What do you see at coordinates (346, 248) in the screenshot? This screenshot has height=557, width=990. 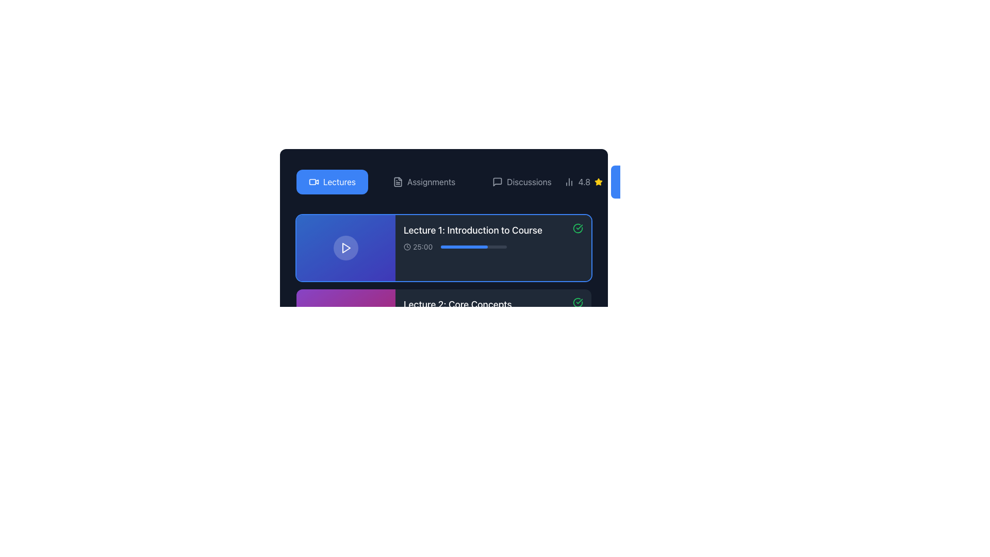 I see `the play button icon, which is a triangular shape on a blue rounded rectangular background, located to the left of 'Lecture 1: Introduction to Course'` at bounding box center [346, 248].